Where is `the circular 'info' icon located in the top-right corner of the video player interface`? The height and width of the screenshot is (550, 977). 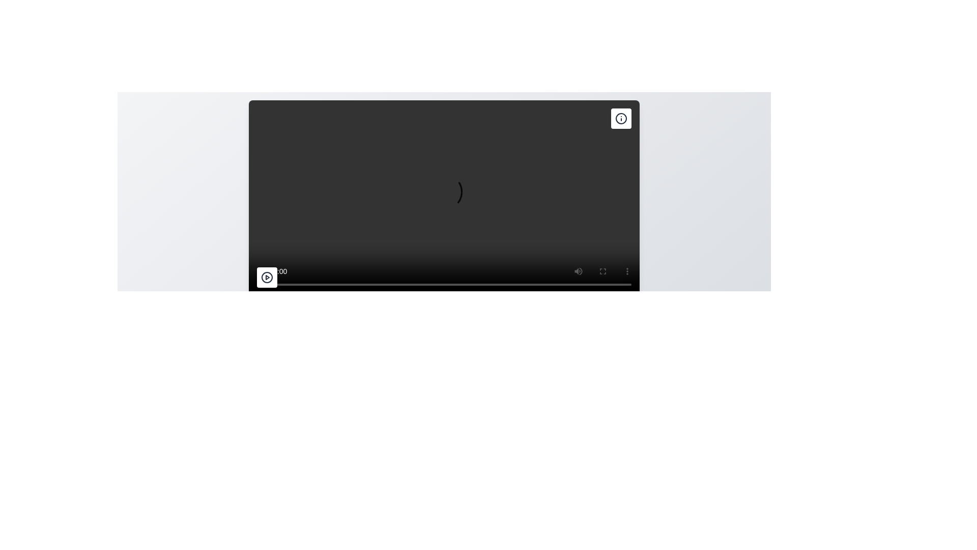
the circular 'info' icon located in the top-right corner of the video player interface is located at coordinates (620, 118).